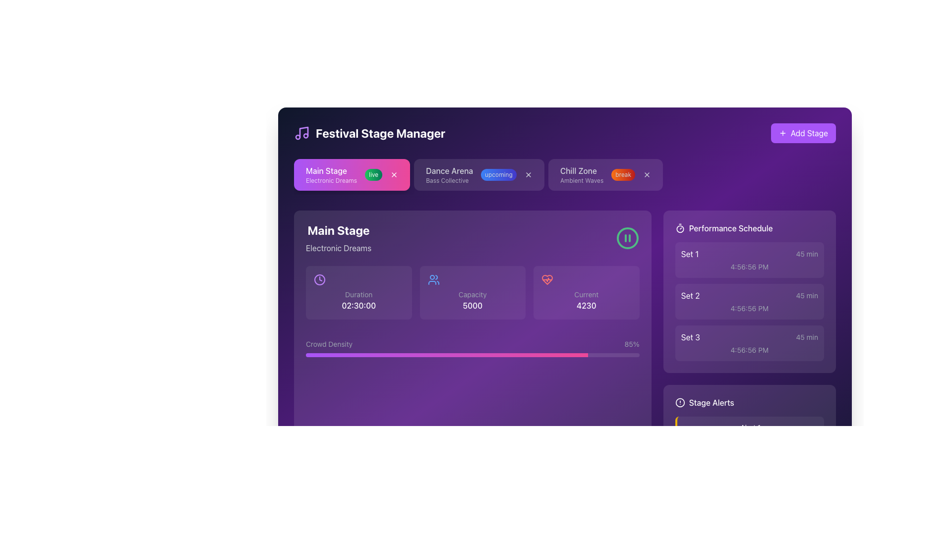 This screenshot has width=952, height=535. I want to click on the 'Crowd Density' label, which is styled with a light font color on a dark purple background and is positioned to the left of a numerical percentage value, so click(329, 343).